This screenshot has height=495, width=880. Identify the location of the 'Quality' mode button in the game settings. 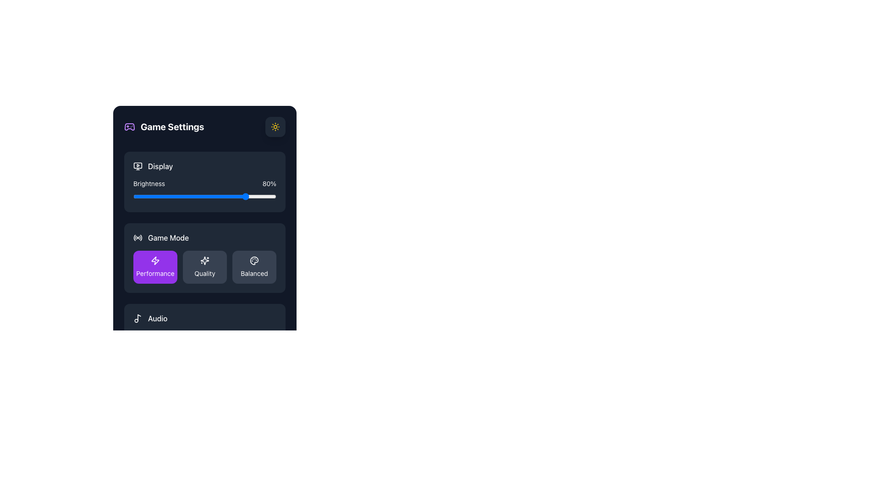
(204, 267).